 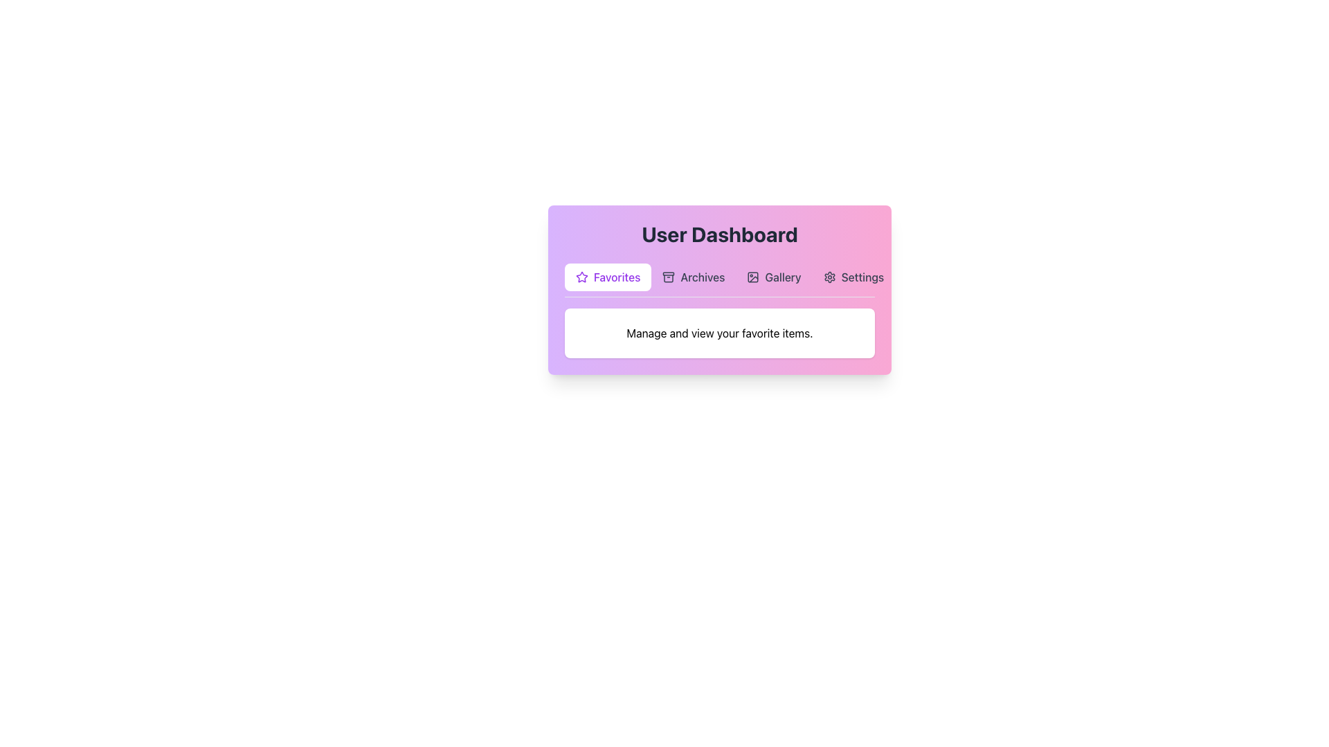 What do you see at coordinates (694, 277) in the screenshot?
I see `the second button in the navigation bar under 'User Dashboard'` at bounding box center [694, 277].